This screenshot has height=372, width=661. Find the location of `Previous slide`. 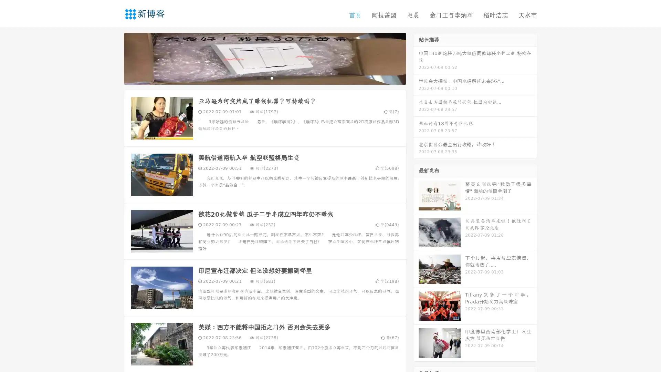

Previous slide is located at coordinates (114, 58).